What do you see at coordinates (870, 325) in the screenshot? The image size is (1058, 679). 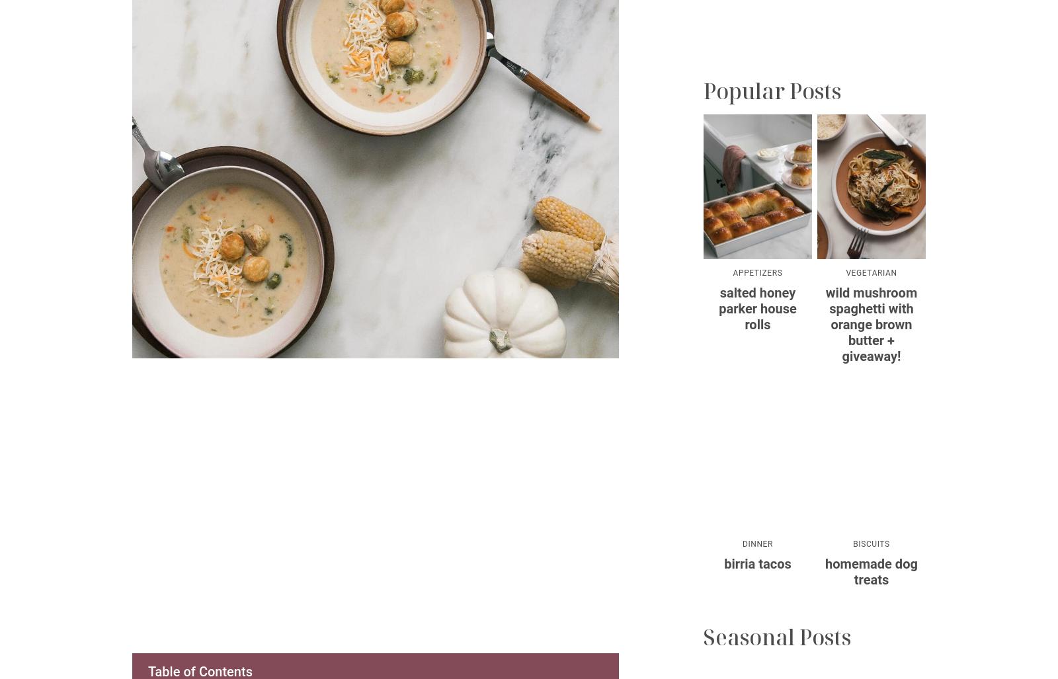 I see `'Wild Mushroom Spaghetti with Orange Brown Butter + Giveaway!'` at bounding box center [870, 325].